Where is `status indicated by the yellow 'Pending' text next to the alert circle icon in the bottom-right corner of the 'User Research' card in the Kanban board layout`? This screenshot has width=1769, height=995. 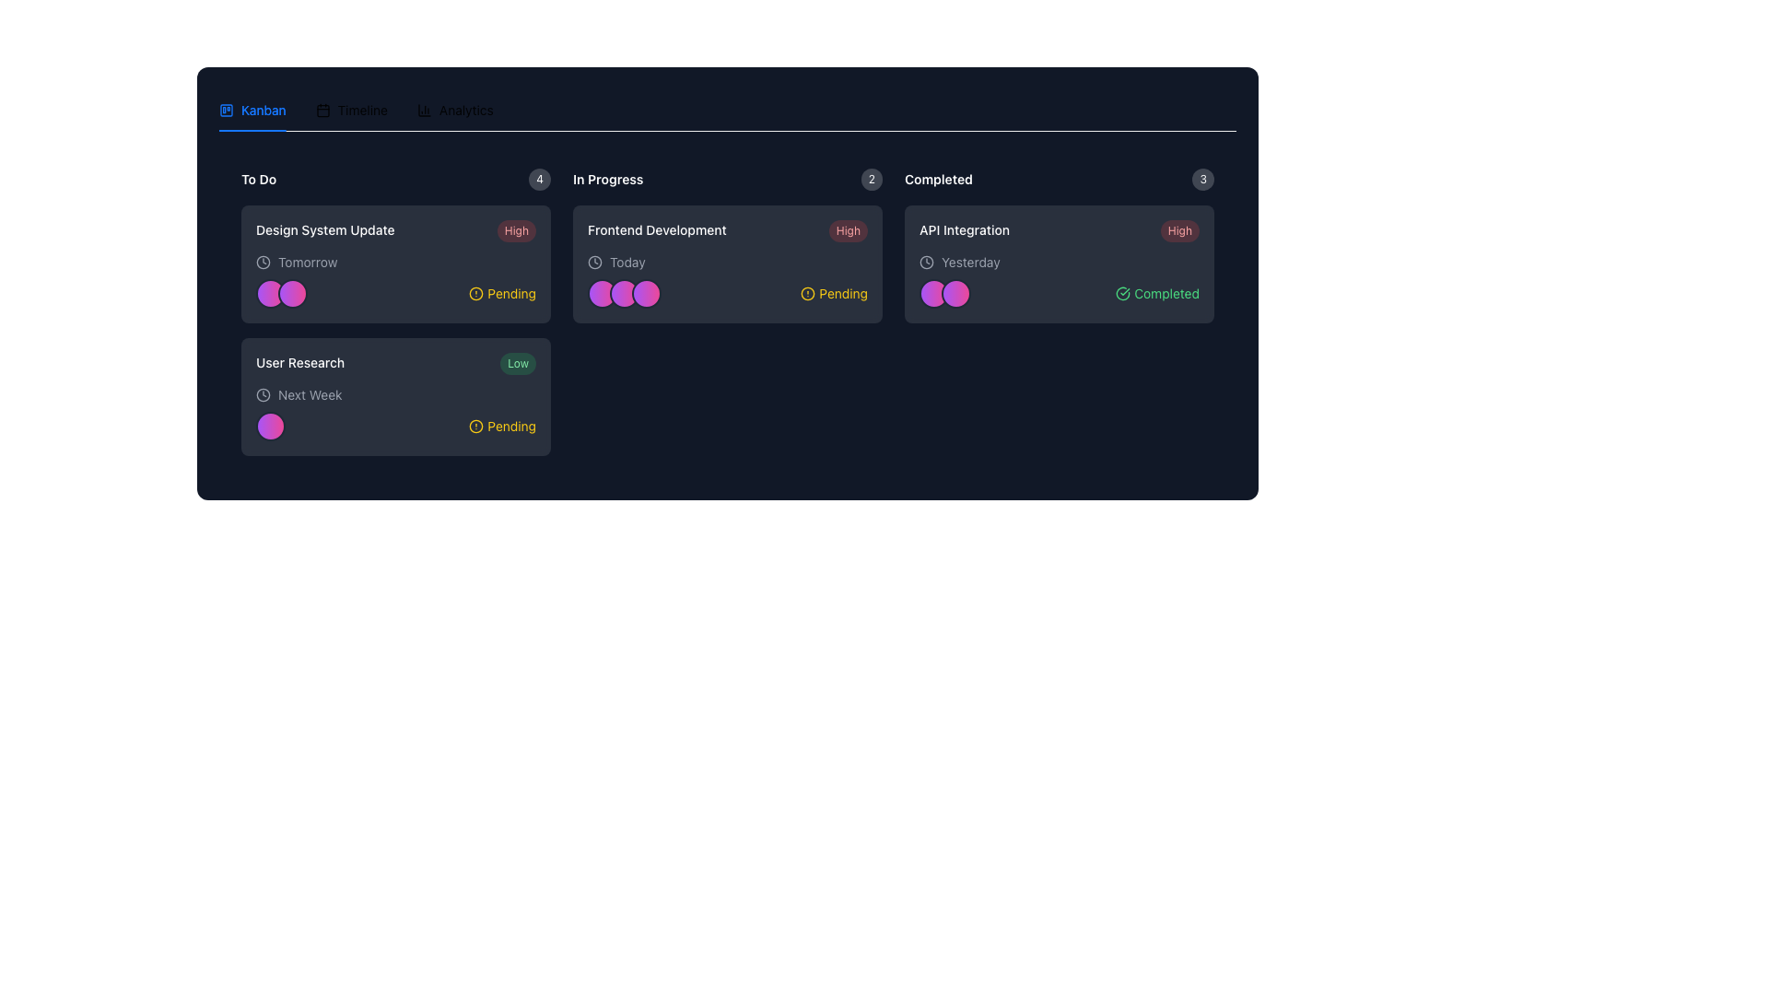
status indicated by the yellow 'Pending' text next to the alert circle icon in the bottom-right corner of the 'User Research' card in the Kanban board layout is located at coordinates (502, 426).